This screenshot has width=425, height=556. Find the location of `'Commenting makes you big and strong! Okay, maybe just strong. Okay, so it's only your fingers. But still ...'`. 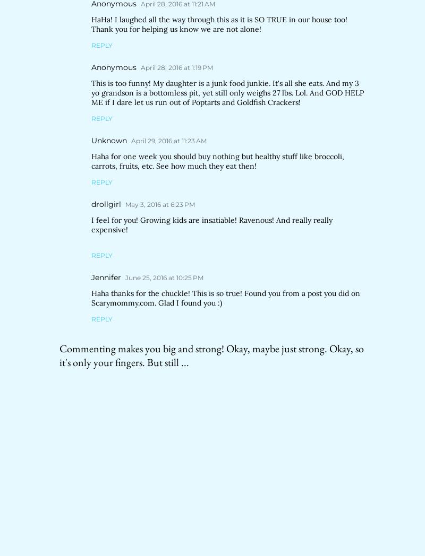

'Commenting makes you big and strong! Okay, maybe just strong. Okay, so it's only your fingers. But still ...' is located at coordinates (59, 355).